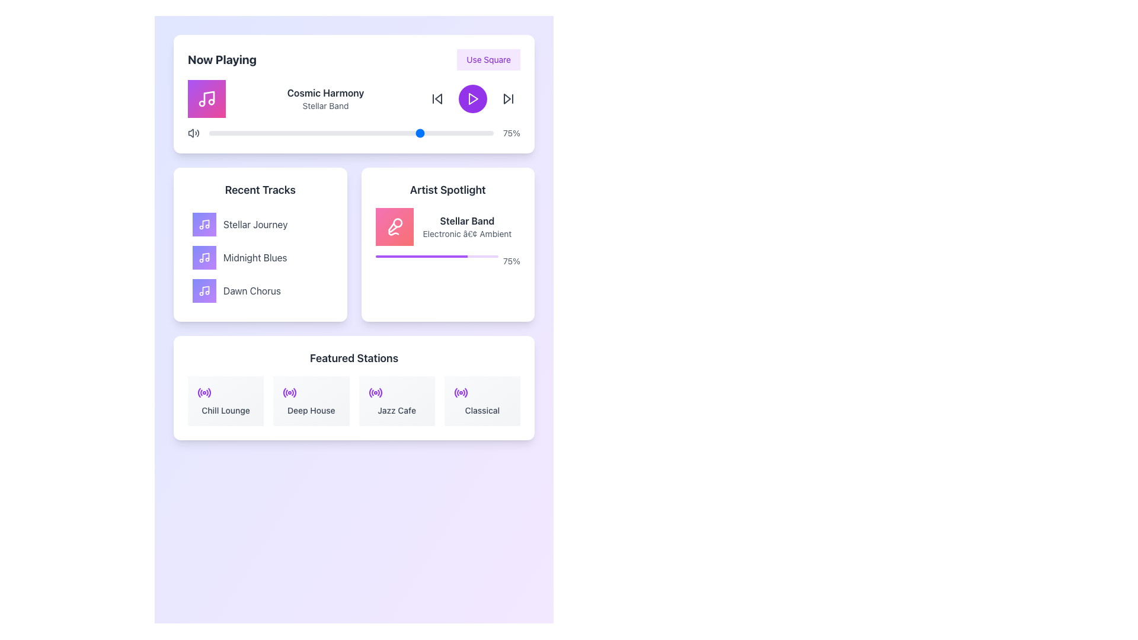 The height and width of the screenshot is (640, 1138). What do you see at coordinates (472, 98) in the screenshot?
I see `the play/pause button located in the 'Now Playing' section, which is the central element in a group of three buttons, positioned to the right of the section's title` at bounding box center [472, 98].